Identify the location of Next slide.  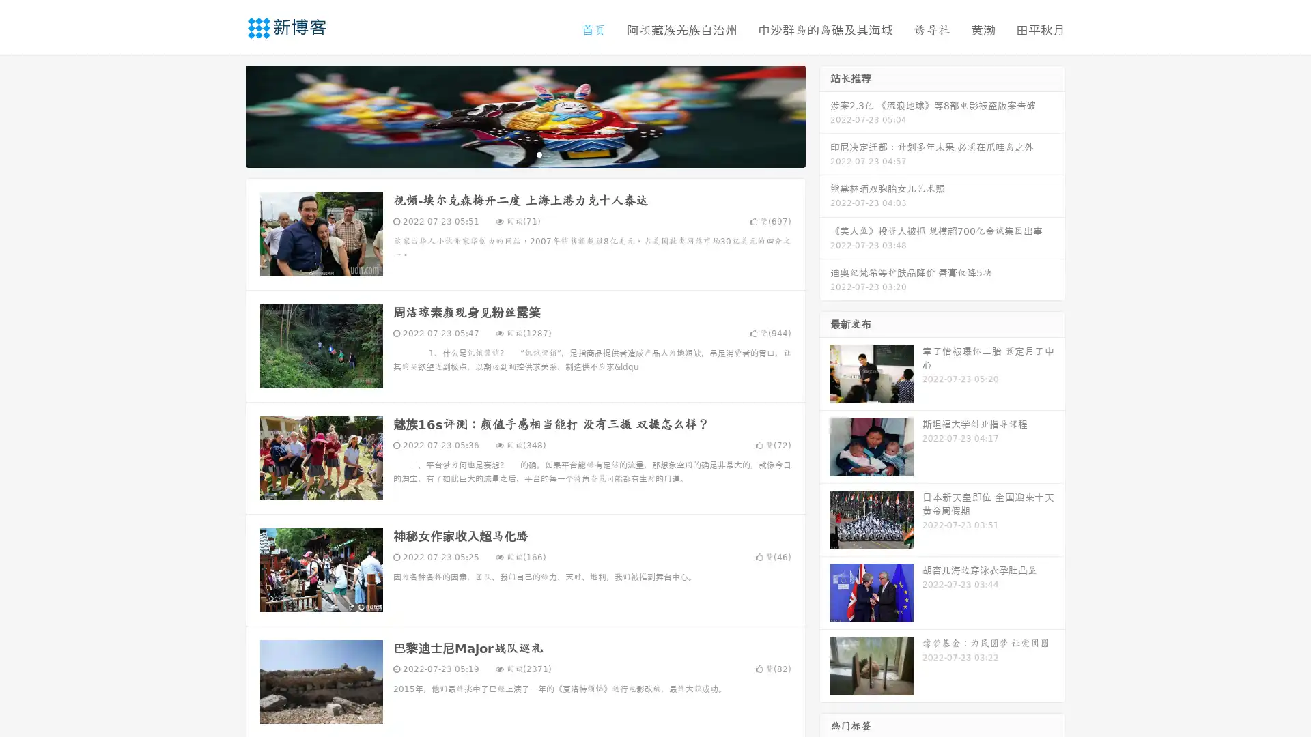
(825, 115).